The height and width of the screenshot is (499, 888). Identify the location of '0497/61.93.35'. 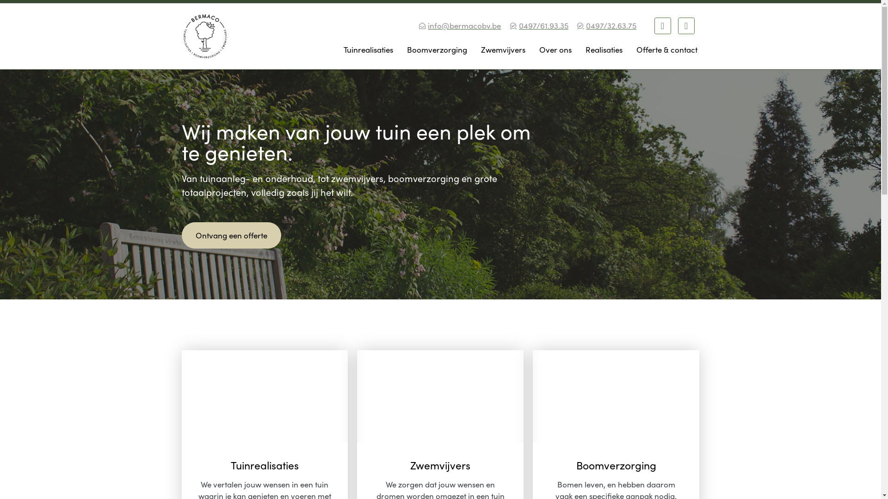
(538, 25).